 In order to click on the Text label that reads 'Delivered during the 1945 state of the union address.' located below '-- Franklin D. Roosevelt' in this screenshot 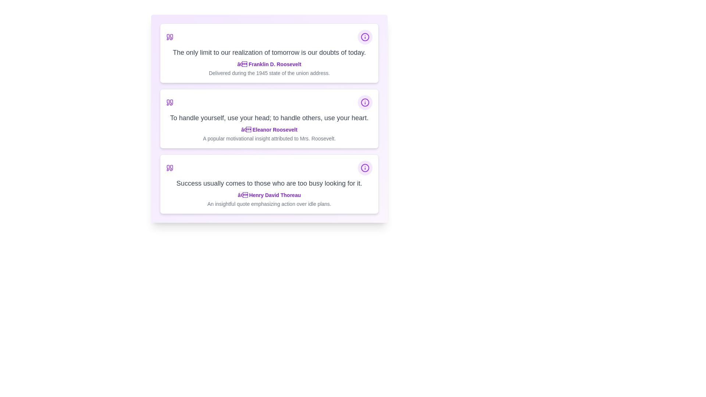, I will do `click(269, 73)`.